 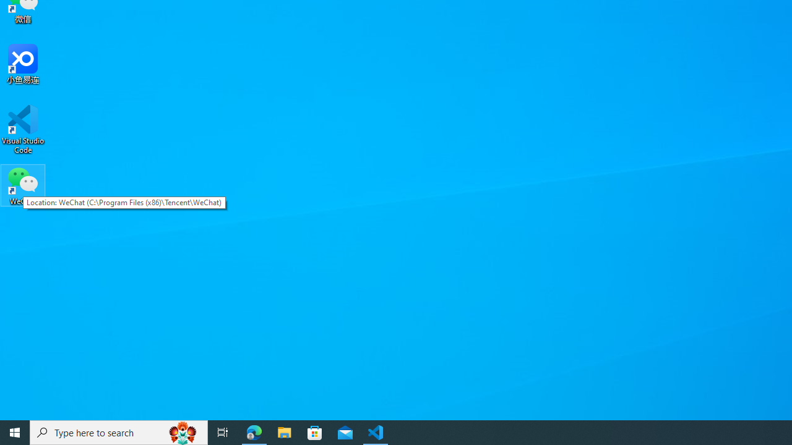 I want to click on 'Start', so click(x=15, y=431).